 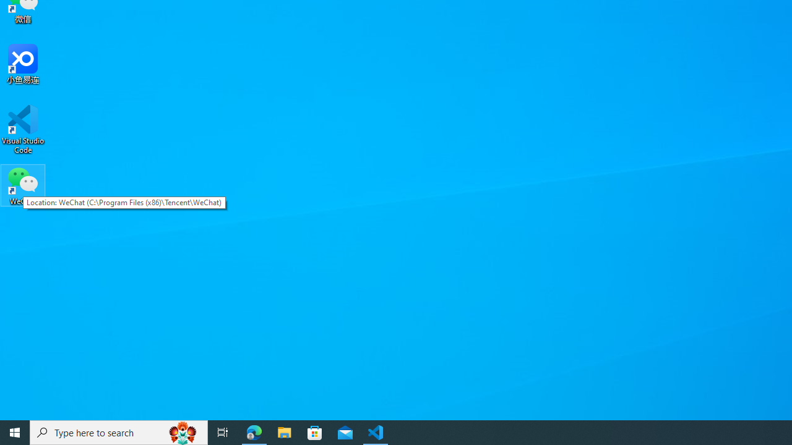 I want to click on 'Start', so click(x=15, y=431).